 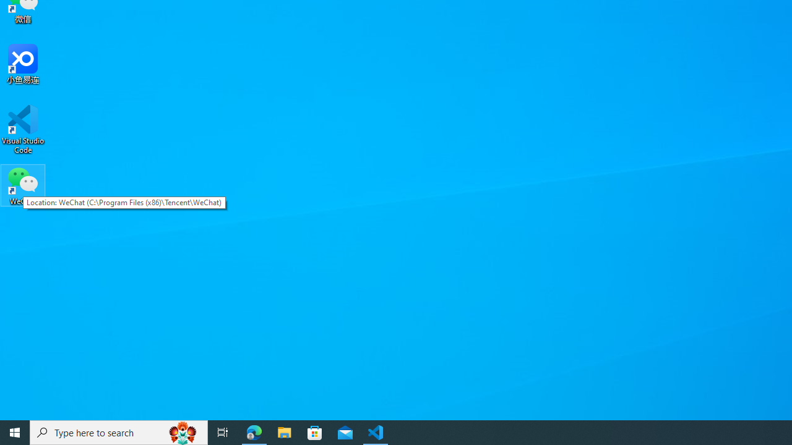 I want to click on 'Start', so click(x=15, y=431).